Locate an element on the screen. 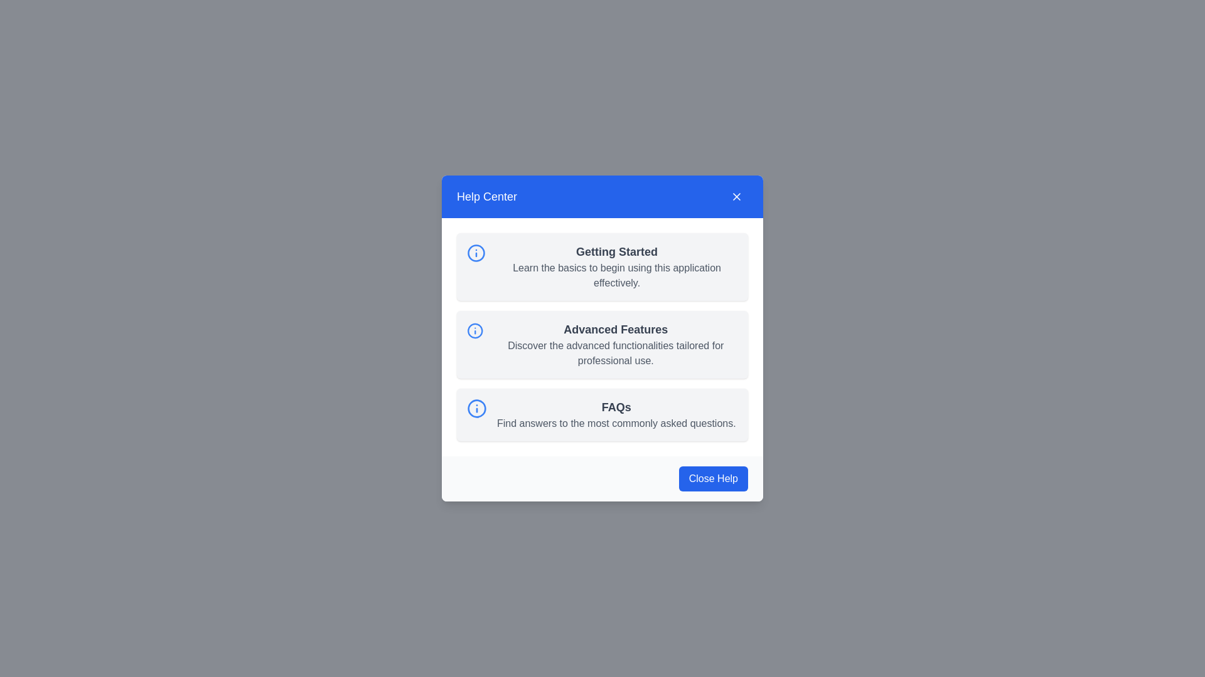  the close button located in the bottom-right corner of the help dialog is located at coordinates (713, 478).